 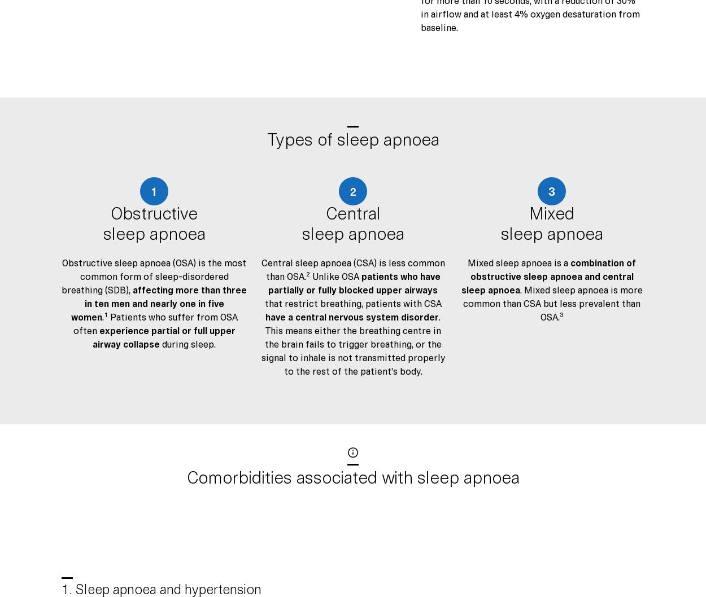 What do you see at coordinates (110, 257) in the screenshot?
I see `'UK Carbon Reduction Plan'` at bounding box center [110, 257].